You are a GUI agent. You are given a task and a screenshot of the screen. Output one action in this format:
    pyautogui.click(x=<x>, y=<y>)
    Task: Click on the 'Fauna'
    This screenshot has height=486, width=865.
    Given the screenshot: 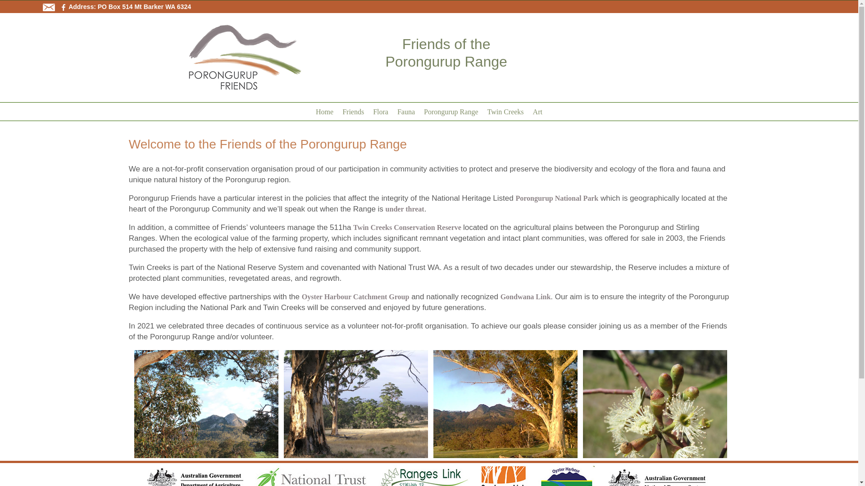 What is the action you would take?
    pyautogui.click(x=393, y=110)
    